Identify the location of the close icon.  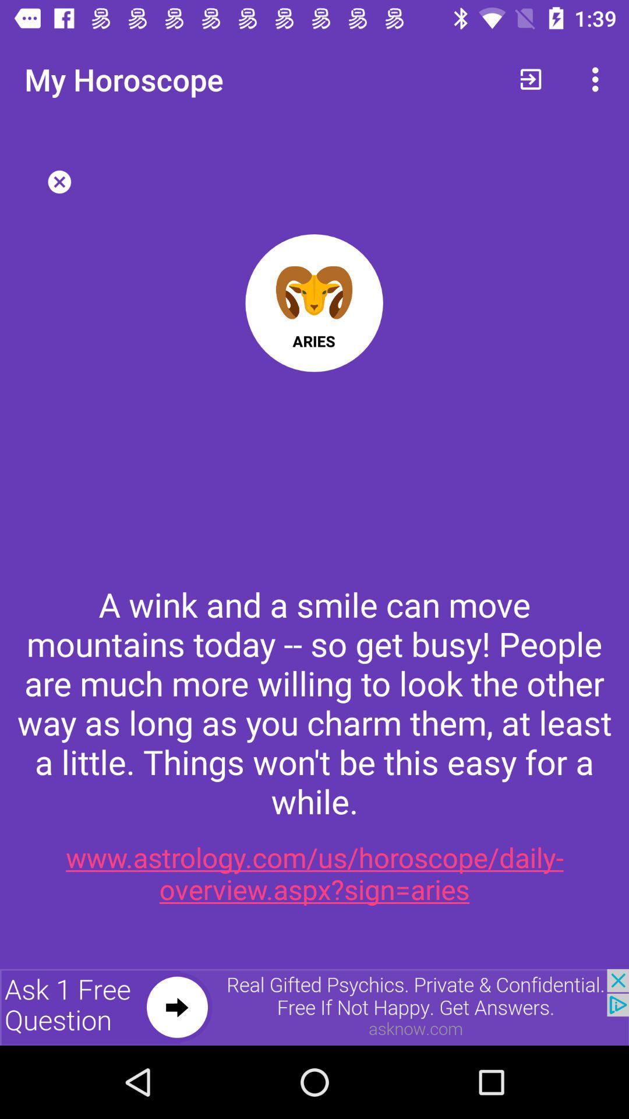
(59, 181).